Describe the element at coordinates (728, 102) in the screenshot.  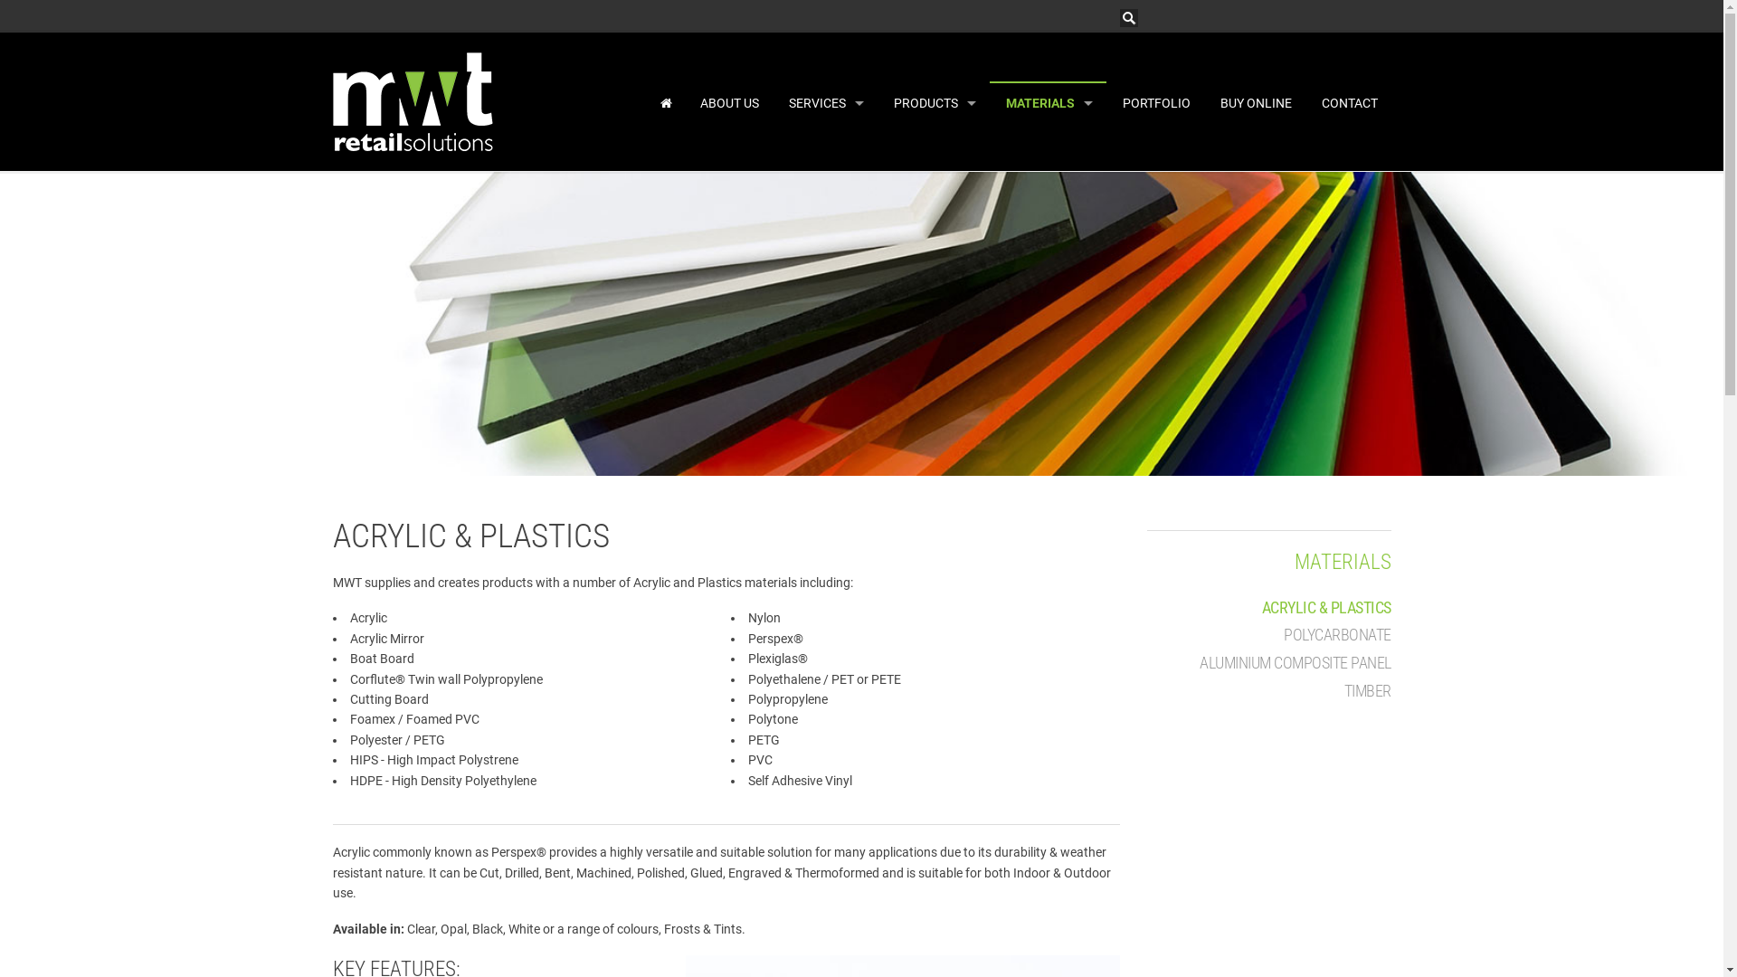
I see `'ABOUT US'` at that location.